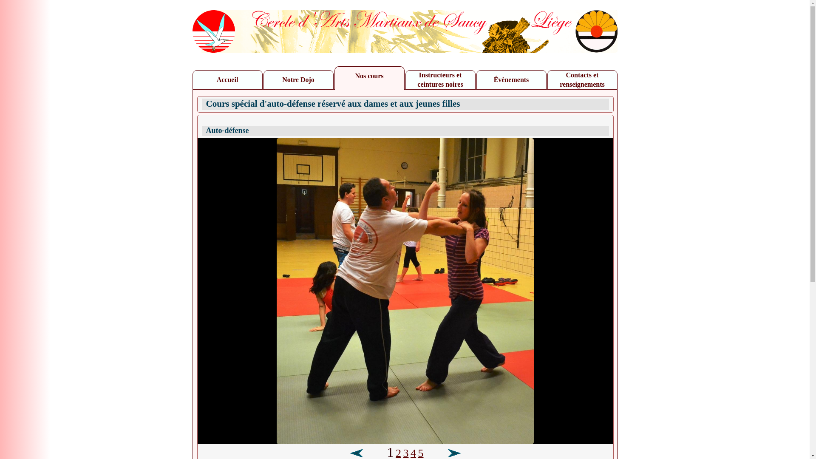 The image size is (816, 459). I want to click on 'suivante', so click(446, 453).